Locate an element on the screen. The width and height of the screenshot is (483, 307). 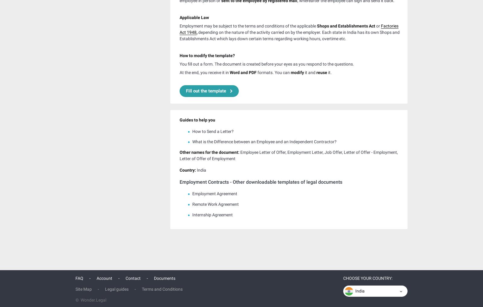
'You fill out a form. The document is created before your eyes as you respond to the questions.' is located at coordinates (267, 64).